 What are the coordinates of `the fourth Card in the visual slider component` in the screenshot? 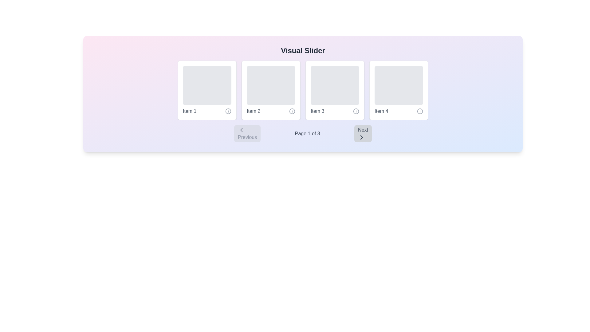 It's located at (399, 90).